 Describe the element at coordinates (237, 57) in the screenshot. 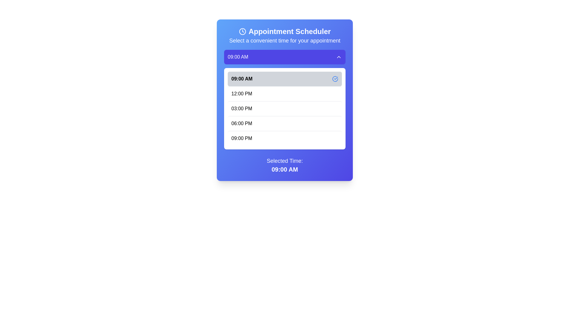

I see `the text '09:00 AM' which is displayed in bold white color on a blue background at the top section of the dropdown menu` at that location.